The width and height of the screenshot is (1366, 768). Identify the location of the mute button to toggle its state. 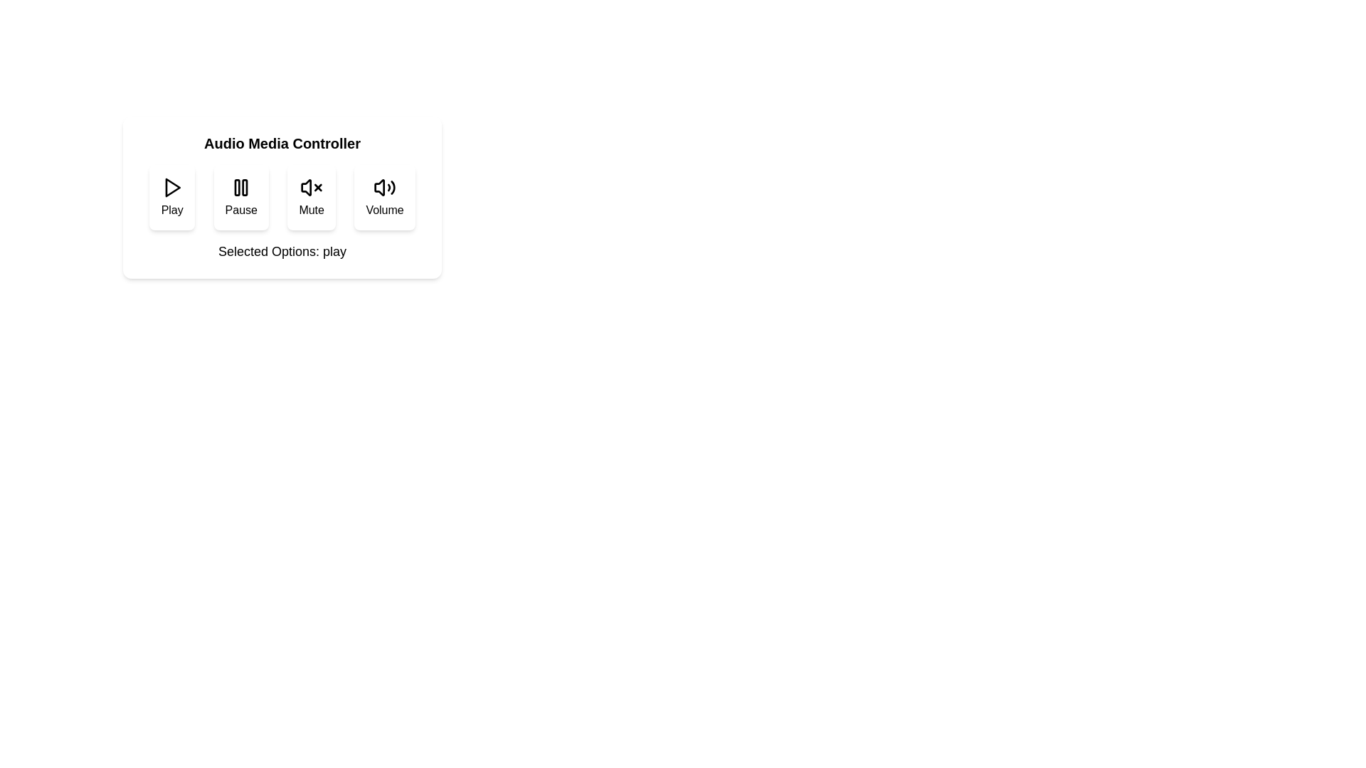
(310, 197).